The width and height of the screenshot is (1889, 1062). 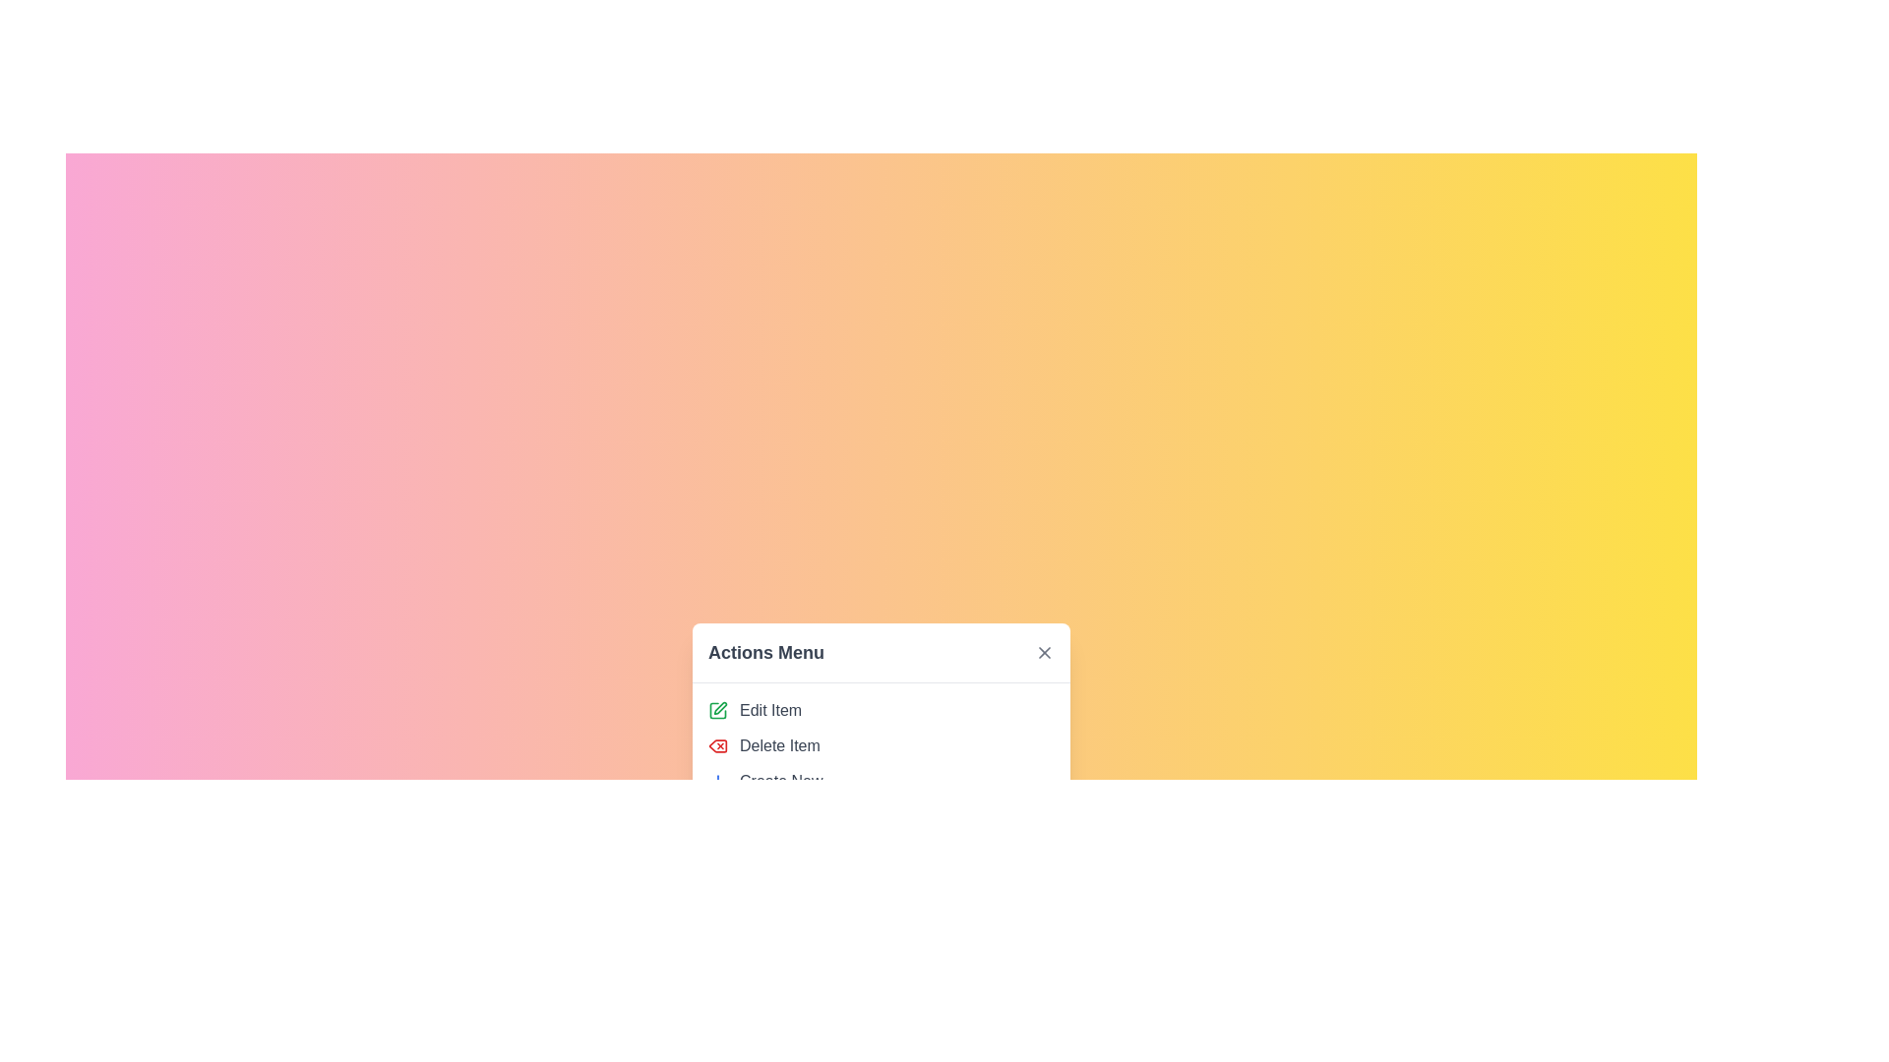 What do you see at coordinates (716, 710) in the screenshot?
I see `the 'Edit' action icon located in the upper-left area of the 'Actions Menu' dropdown, immediately to the left of the text 'Edit Item'` at bounding box center [716, 710].